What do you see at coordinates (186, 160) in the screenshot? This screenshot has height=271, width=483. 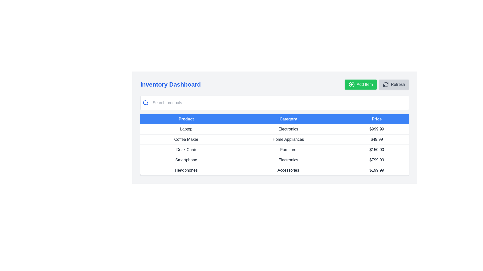 I see `the static text label displaying the product name 'Smartphone' in the fourth row of the inventory list table` at bounding box center [186, 160].